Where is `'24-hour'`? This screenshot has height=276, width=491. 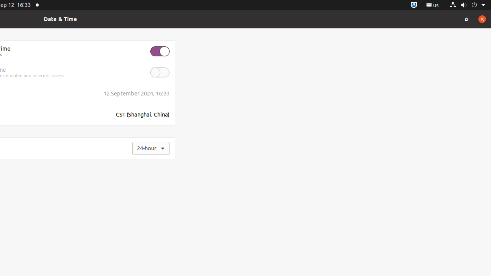 '24-hour' is located at coordinates (151, 148).